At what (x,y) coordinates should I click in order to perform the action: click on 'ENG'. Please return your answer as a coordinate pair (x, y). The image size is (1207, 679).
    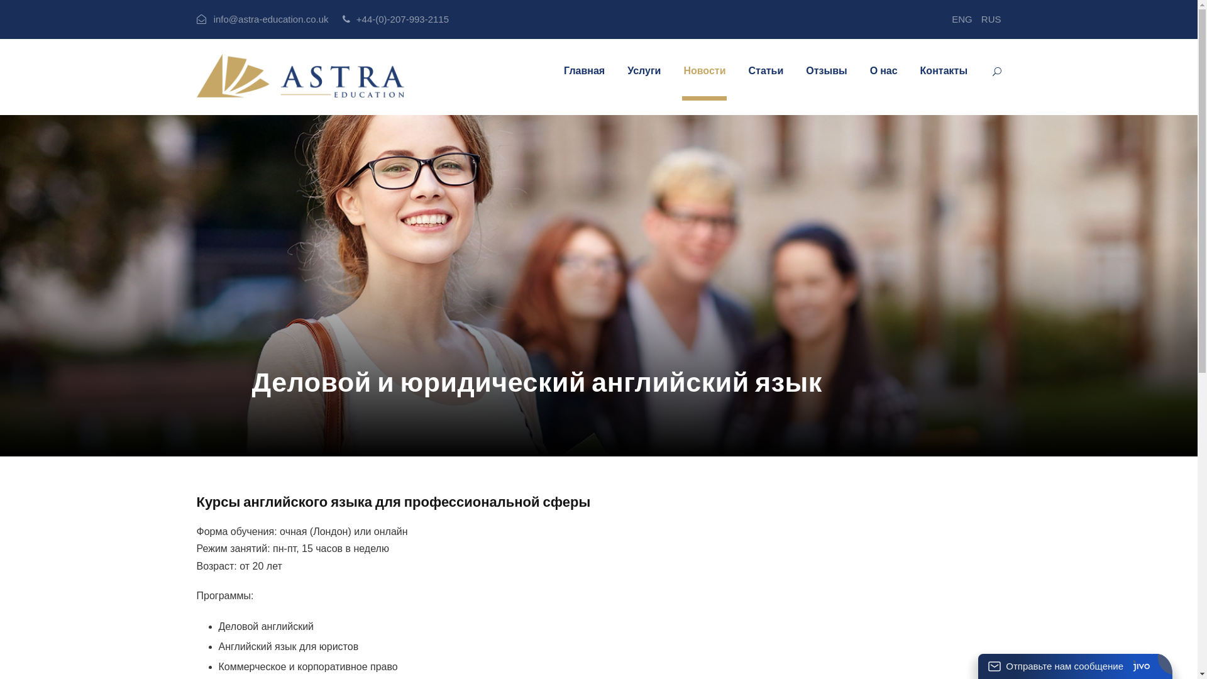
    Looking at the image, I should click on (958, 19).